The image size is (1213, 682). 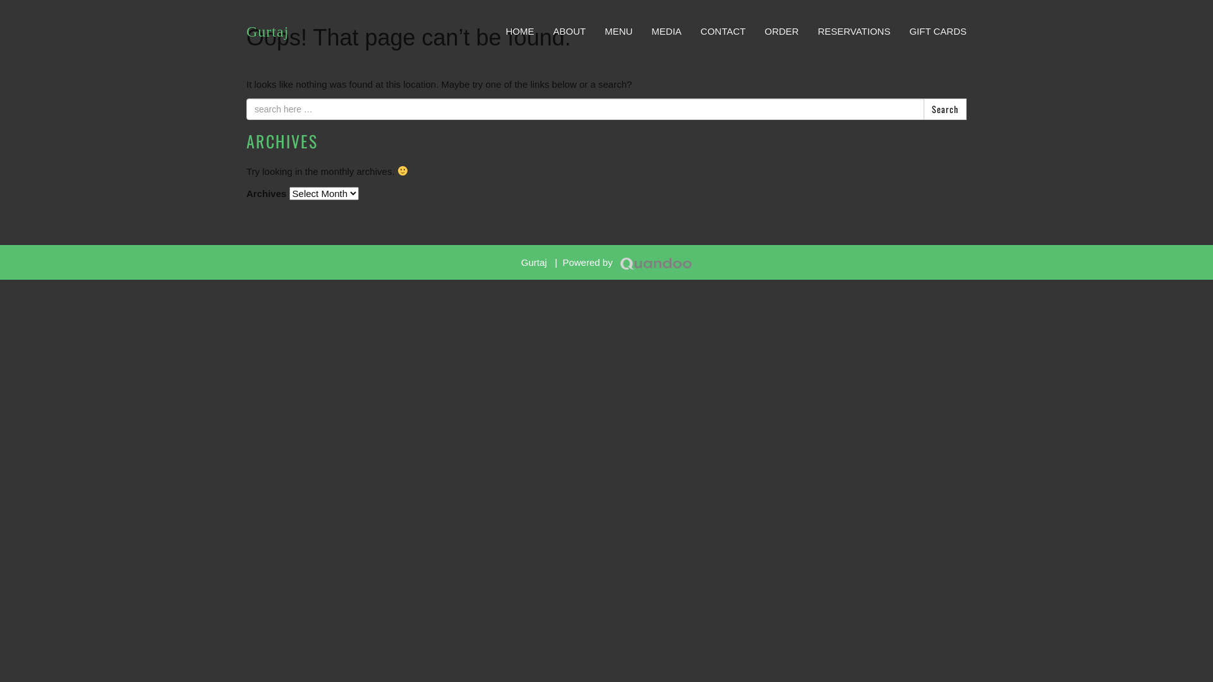 I want to click on 'CONTACT', so click(x=723, y=31).